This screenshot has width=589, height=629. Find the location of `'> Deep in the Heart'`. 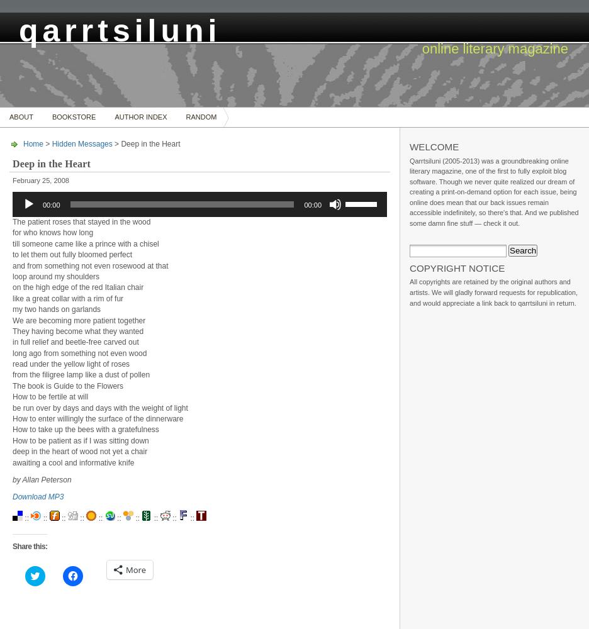

'> Deep in the Heart' is located at coordinates (111, 143).